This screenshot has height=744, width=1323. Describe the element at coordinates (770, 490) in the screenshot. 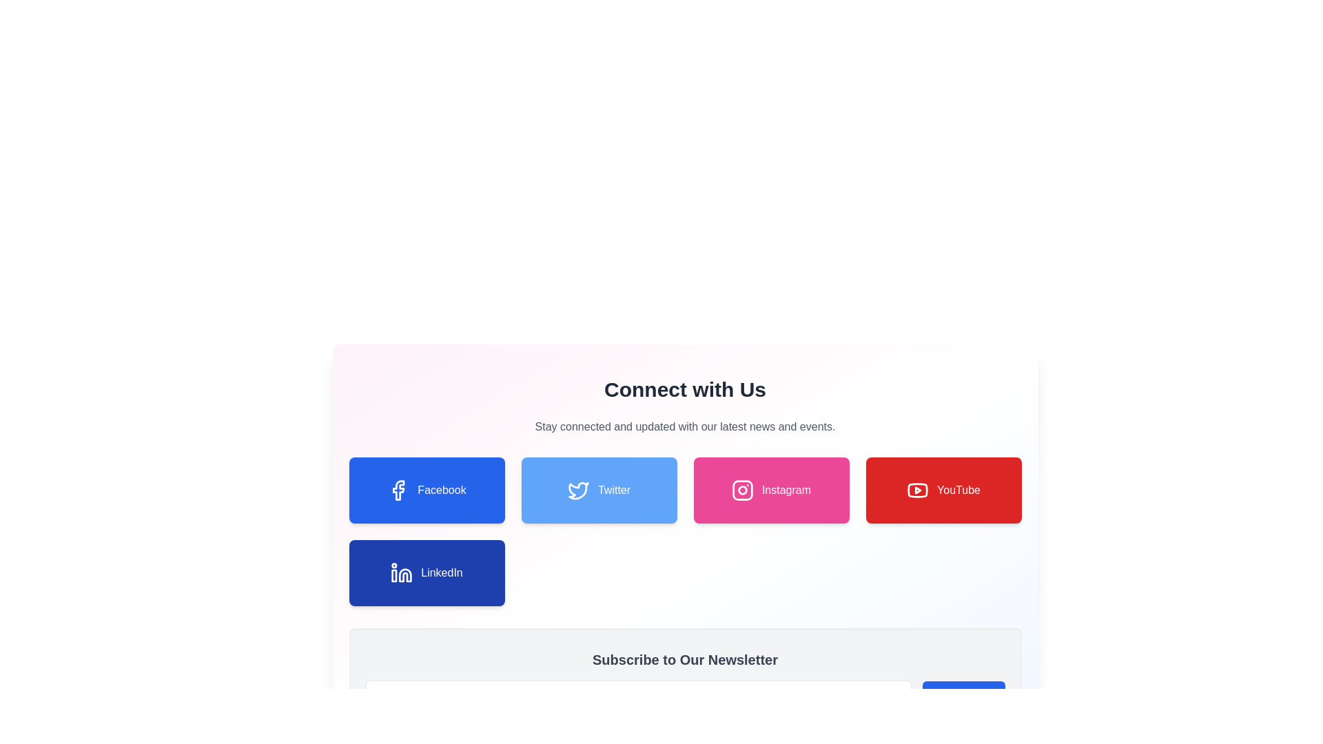

I see `the Instagram button, which has a pink background, rounded corners, and white text with an icon` at that location.